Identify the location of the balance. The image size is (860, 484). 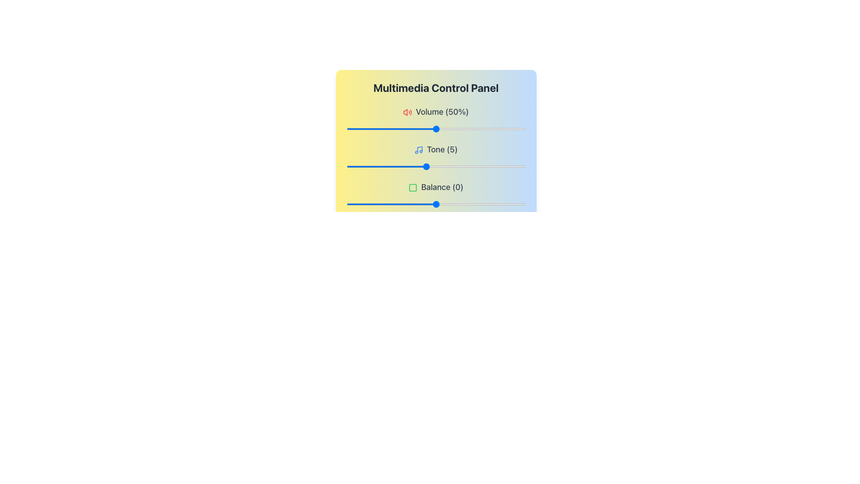
(375, 204).